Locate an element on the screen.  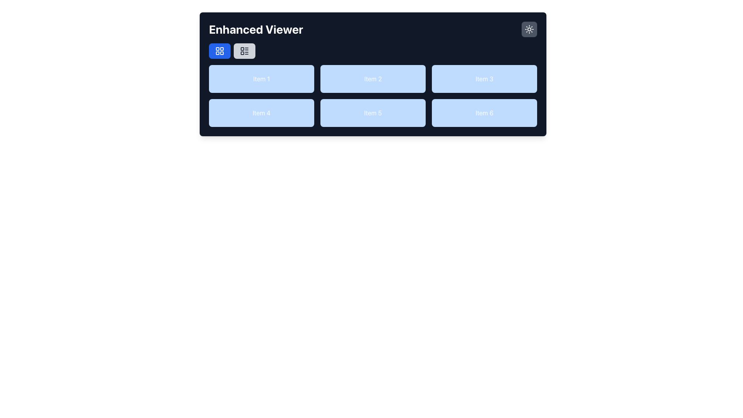
the toggle Icon button located near the top-left corner of the interface to switch the display mode to a list layout is located at coordinates (244, 51).